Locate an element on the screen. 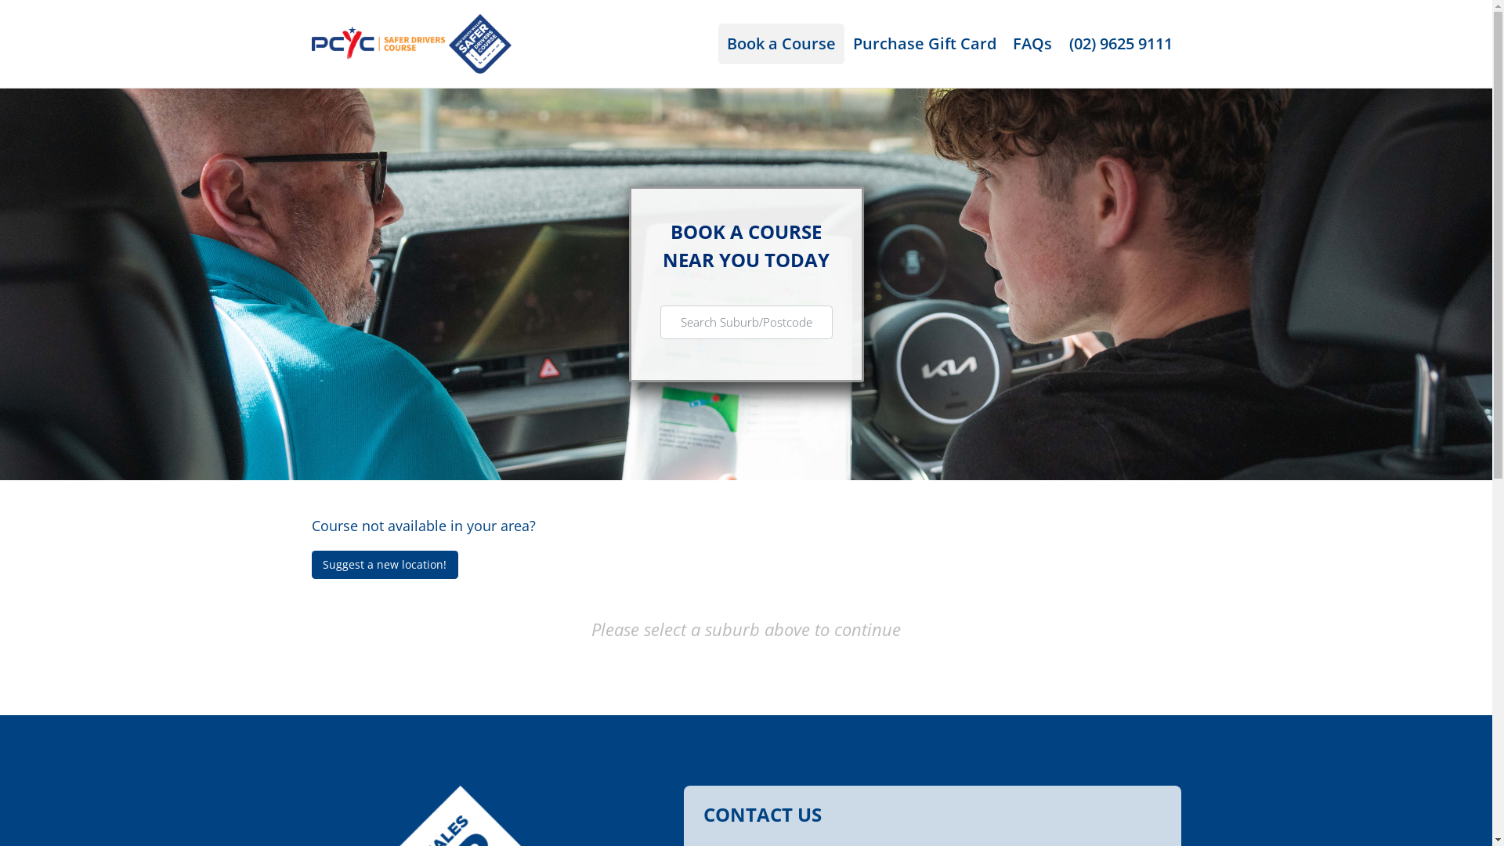 The image size is (1504, 846). 'FAQs' is located at coordinates (1032, 43).